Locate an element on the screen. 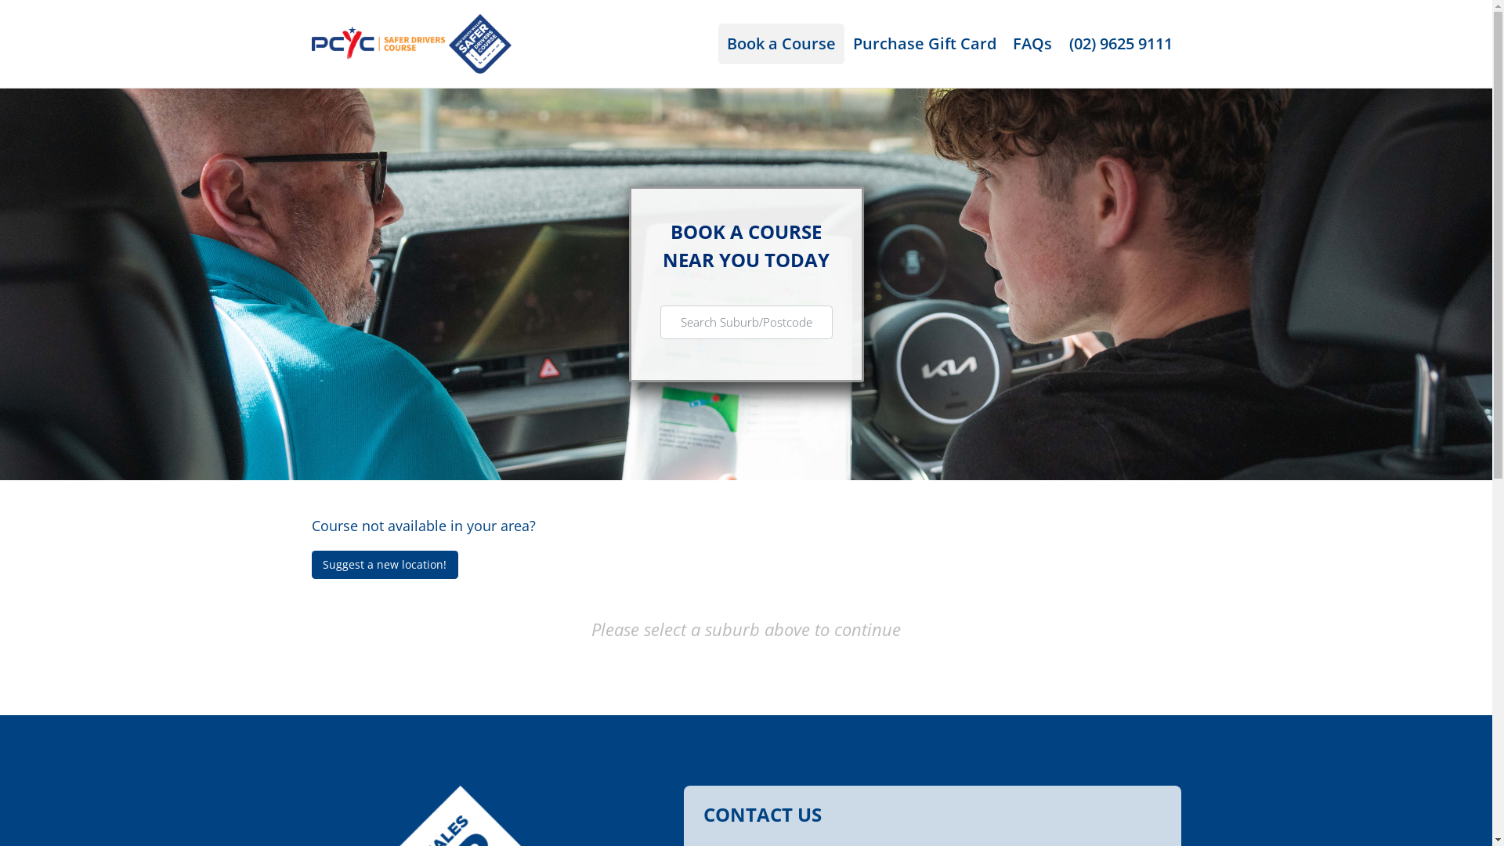 The image size is (1504, 846). 'FAQs' is located at coordinates (1032, 43).